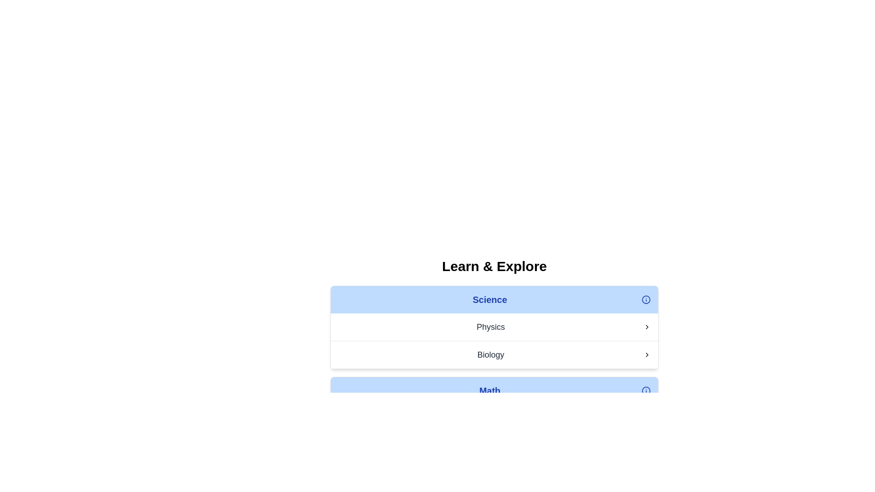 This screenshot has height=492, width=875. I want to click on the button-like list item labeled 'Math' with a light blue background, which is the third section below the 'Learn & Explore' header, so click(494, 390).